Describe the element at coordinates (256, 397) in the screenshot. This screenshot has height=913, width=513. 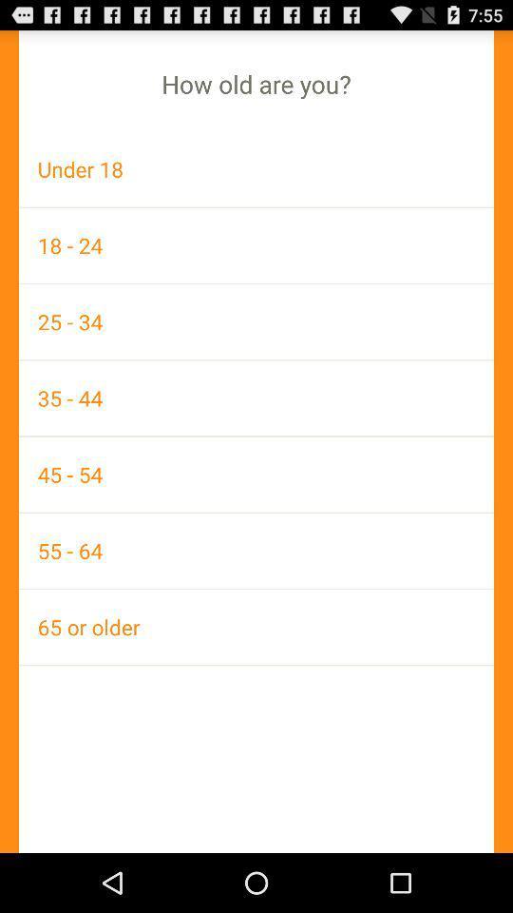
I see `the icon below the 25 - 34 app` at that location.